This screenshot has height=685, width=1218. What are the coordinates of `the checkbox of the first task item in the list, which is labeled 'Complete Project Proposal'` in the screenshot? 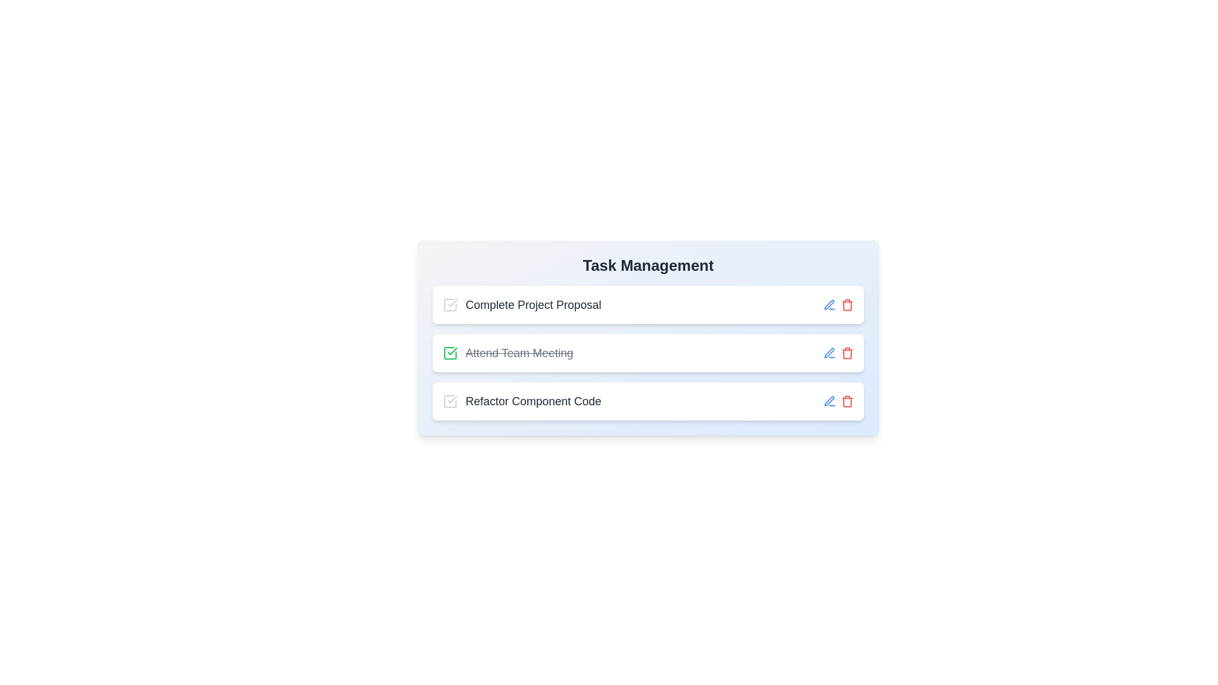 It's located at (648, 305).